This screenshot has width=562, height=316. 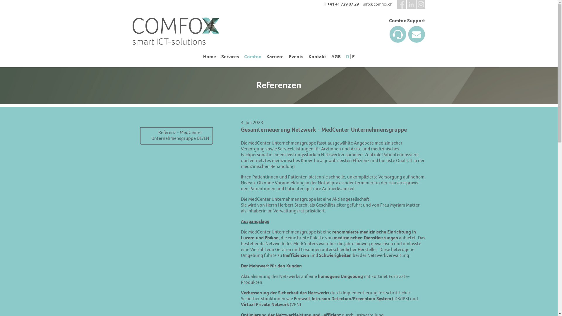 I want to click on 'Home', so click(x=209, y=57).